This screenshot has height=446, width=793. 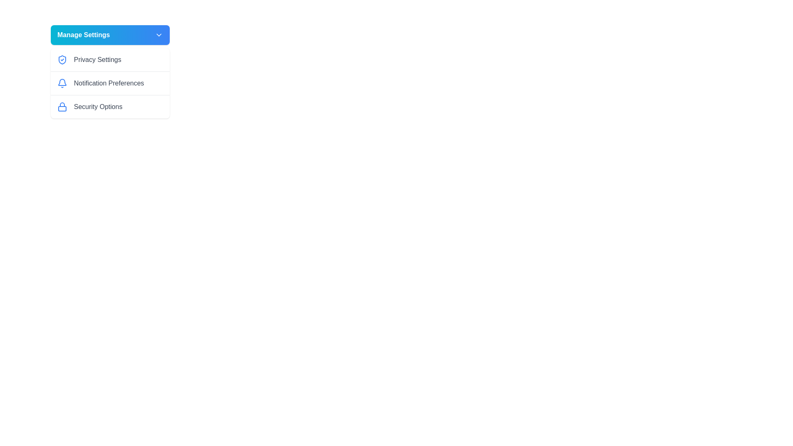 I want to click on the 'Security Options' menu item, which is the third item in the menu, so click(x=110, y=106).